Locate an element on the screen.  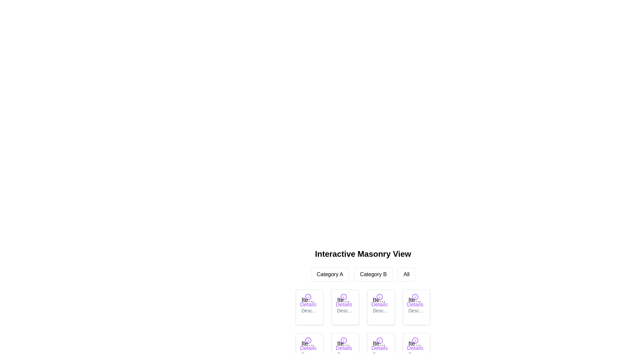
the SVG Circle element representing an information icon within the second card of the first row under 'Interactive Masonry View' is located at coordinates (344, 296).